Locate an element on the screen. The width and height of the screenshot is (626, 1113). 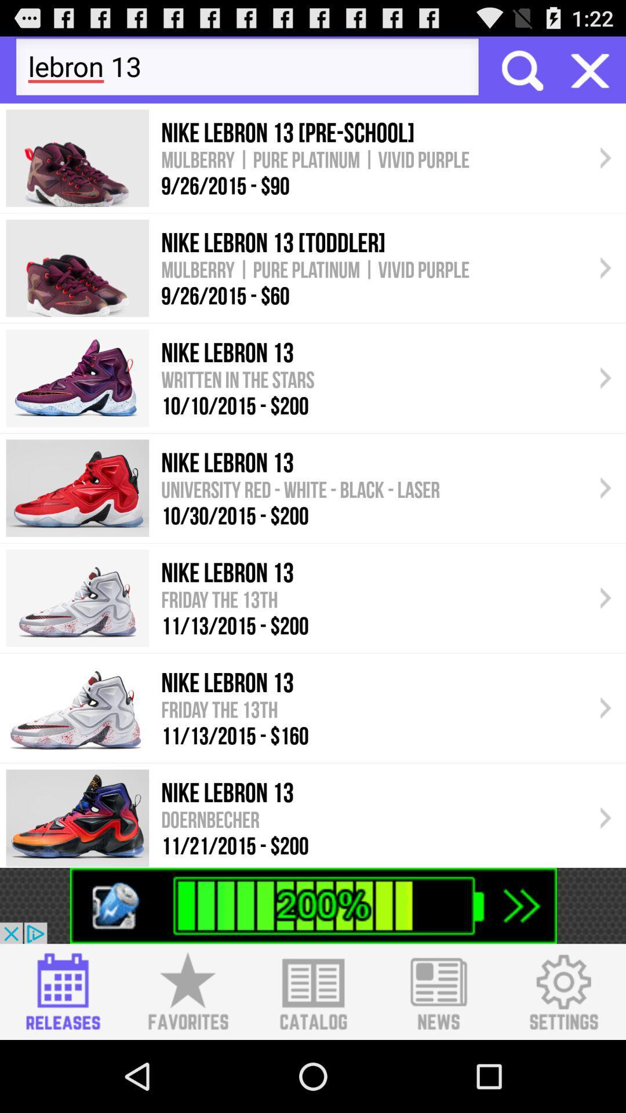
open releases is located at coordinates (63, 991).